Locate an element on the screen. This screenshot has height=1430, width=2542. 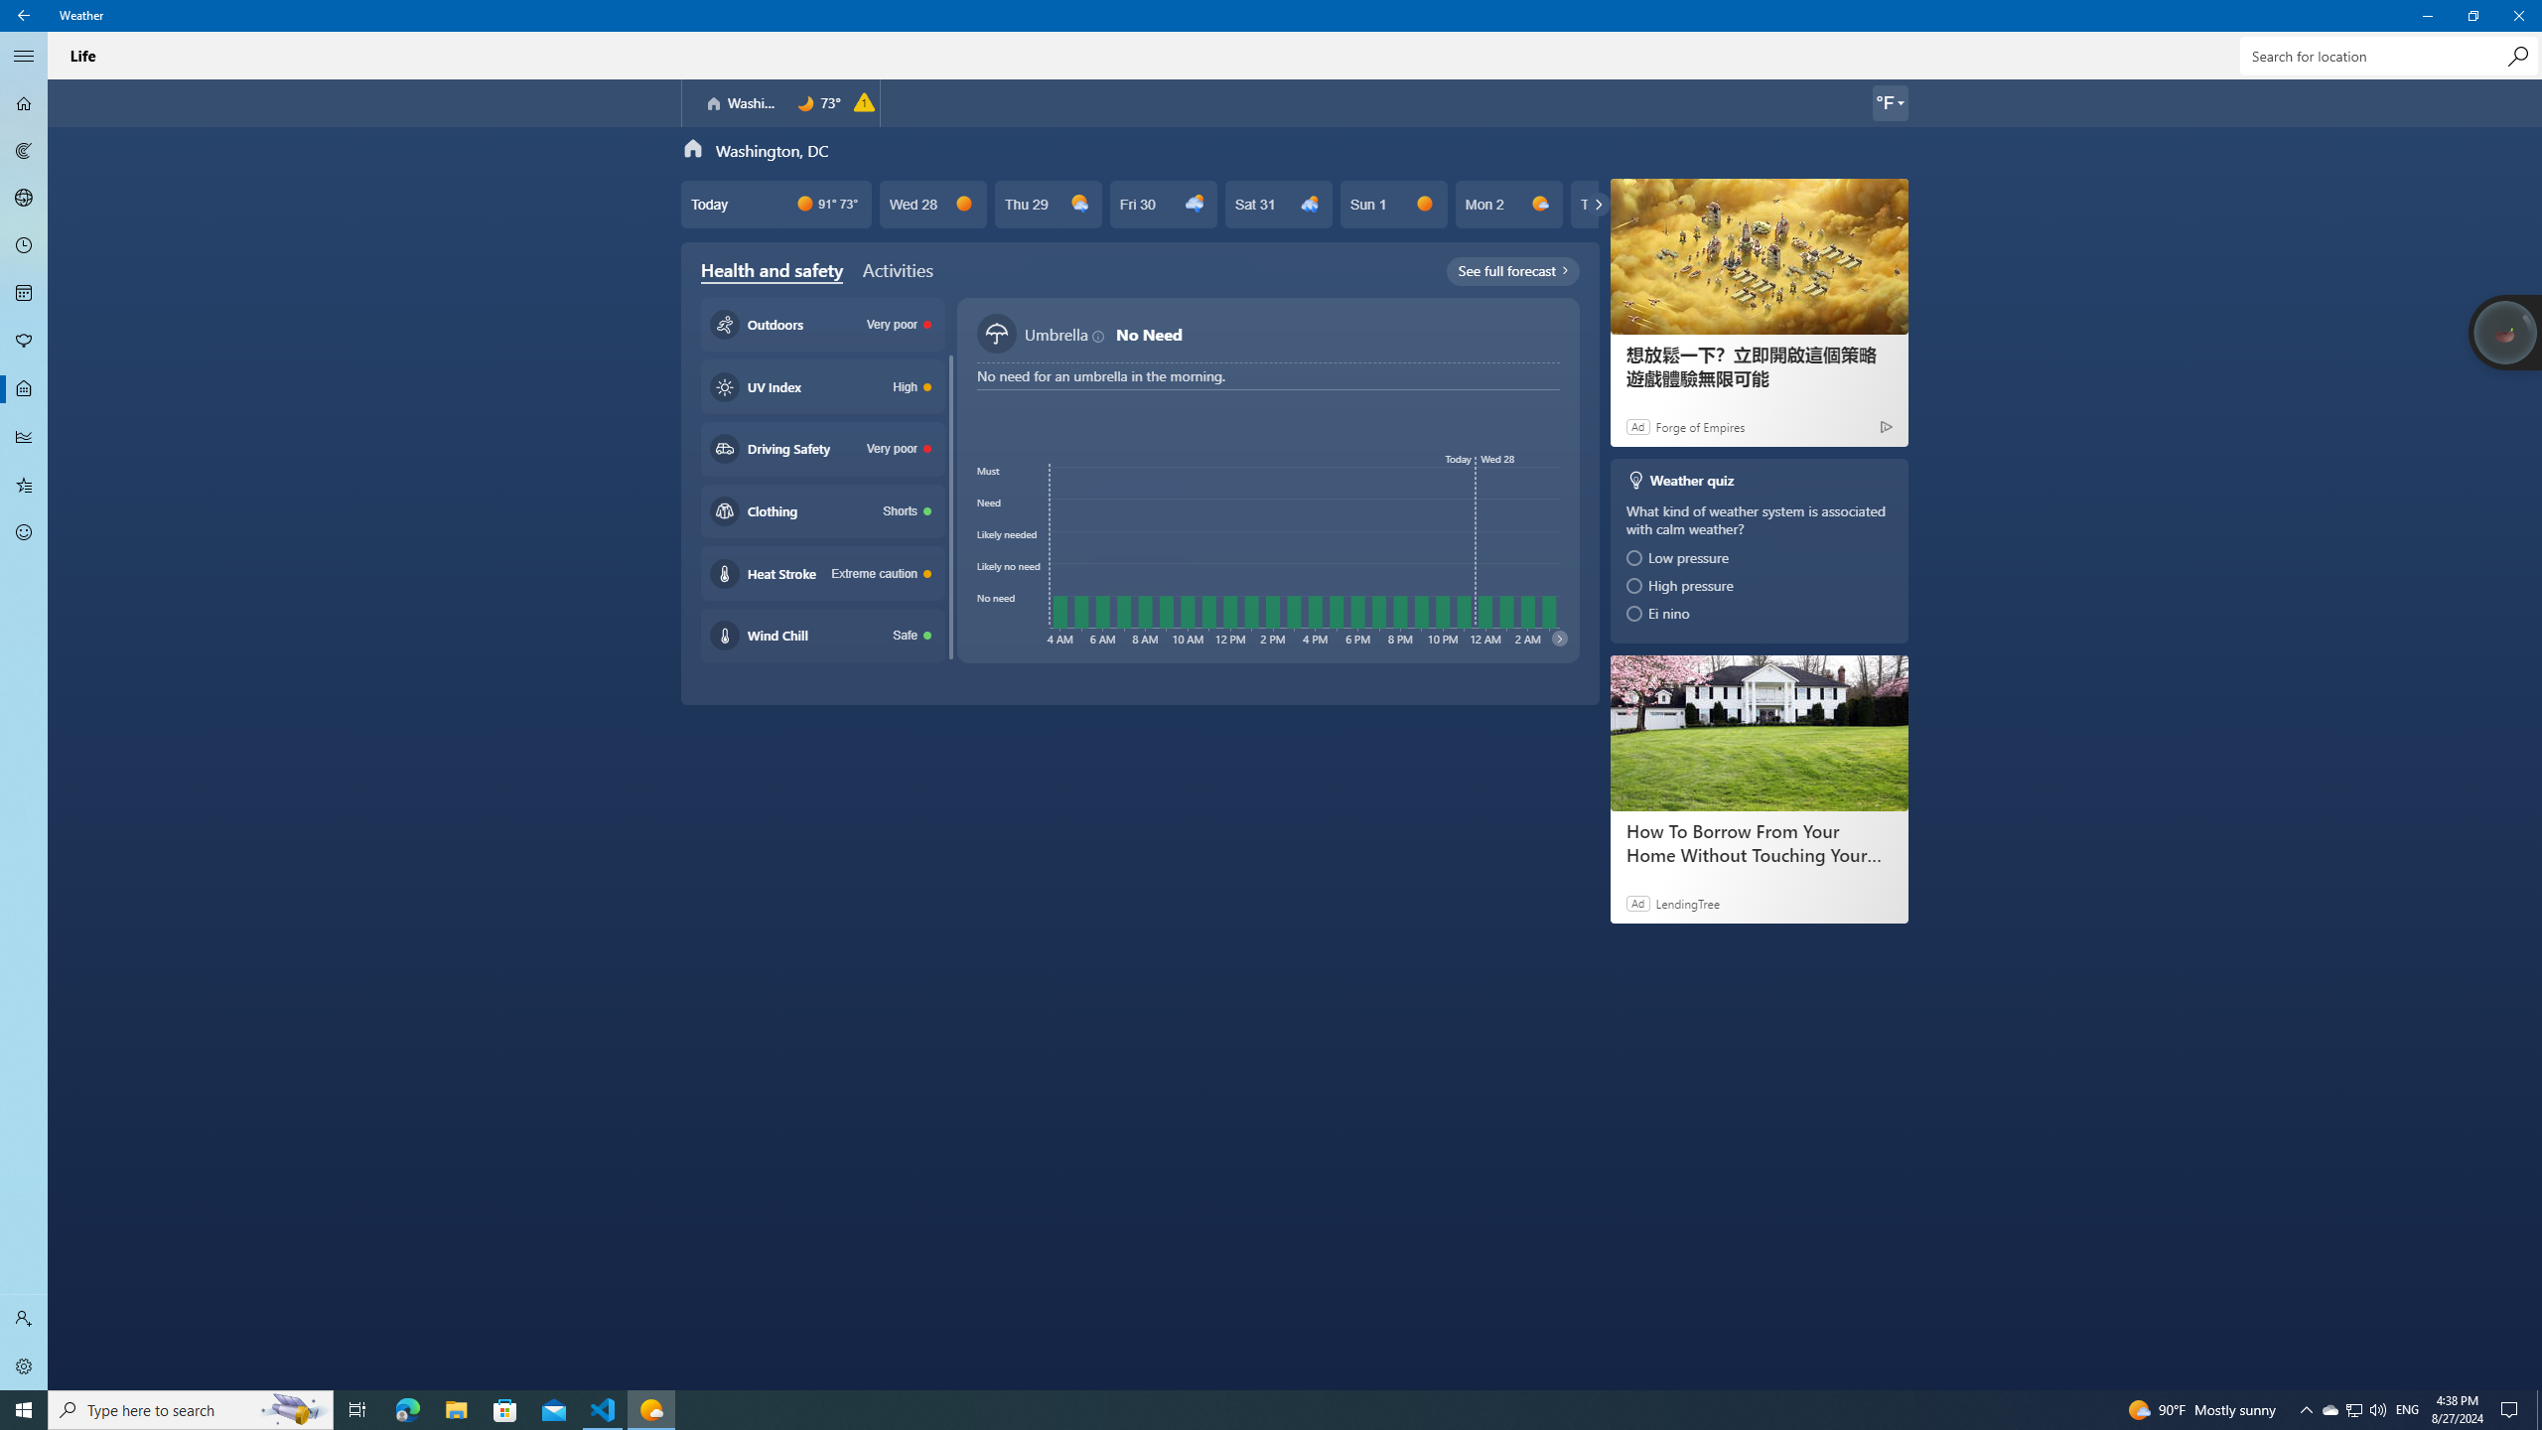
'Weather - 1 running window' is located at coordinates (651, 1408).